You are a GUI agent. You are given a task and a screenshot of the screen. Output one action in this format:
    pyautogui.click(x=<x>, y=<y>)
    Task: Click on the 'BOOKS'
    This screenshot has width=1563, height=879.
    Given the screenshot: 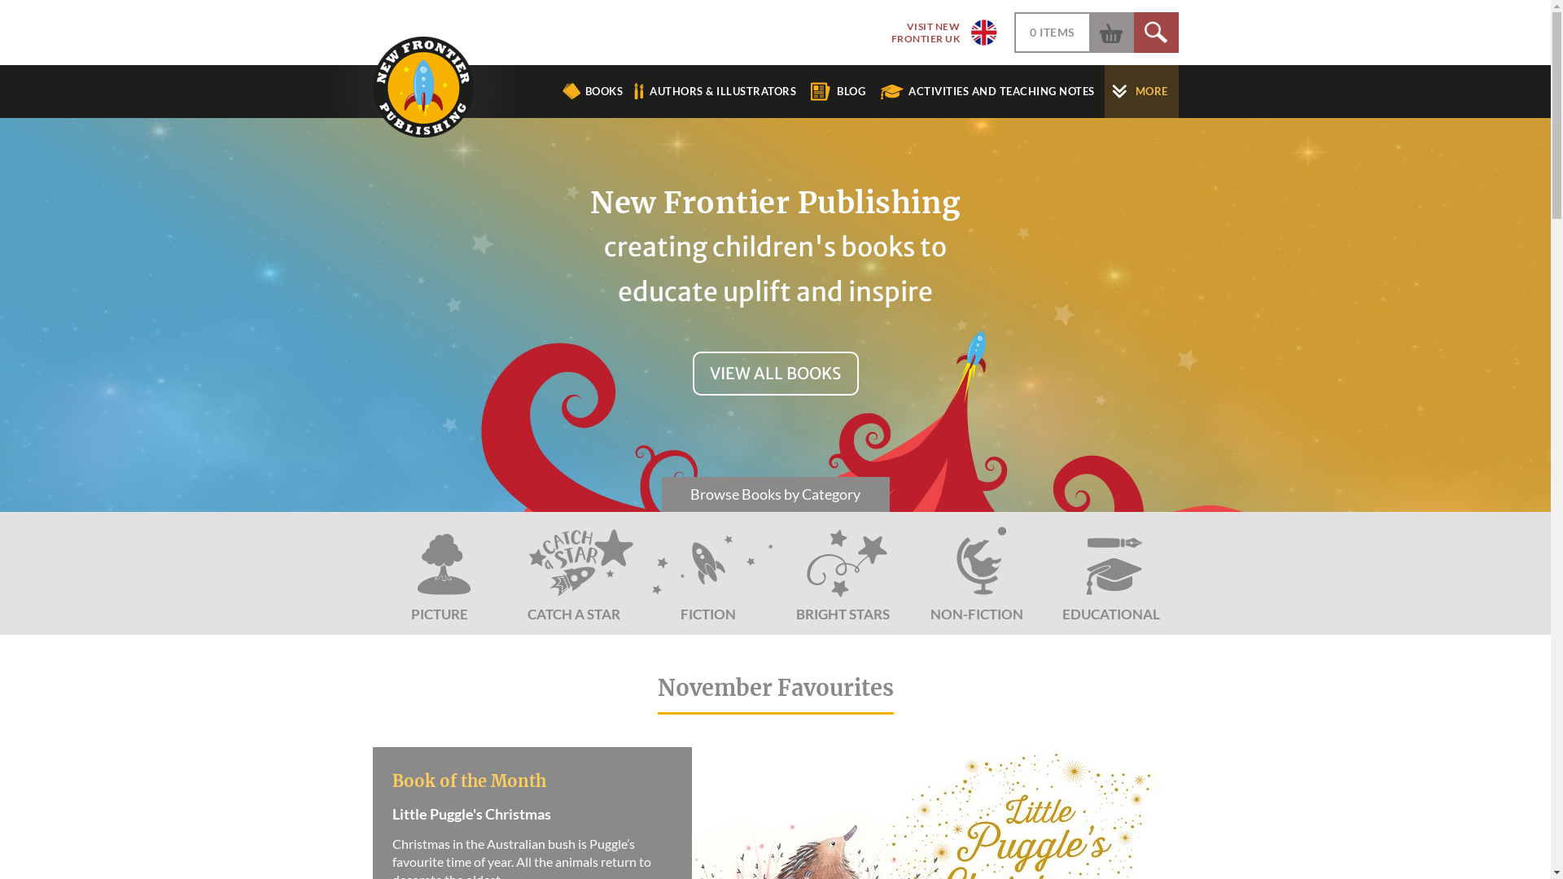 What is the action you would take?
    pyautogui.click(x=592, y=91)
    